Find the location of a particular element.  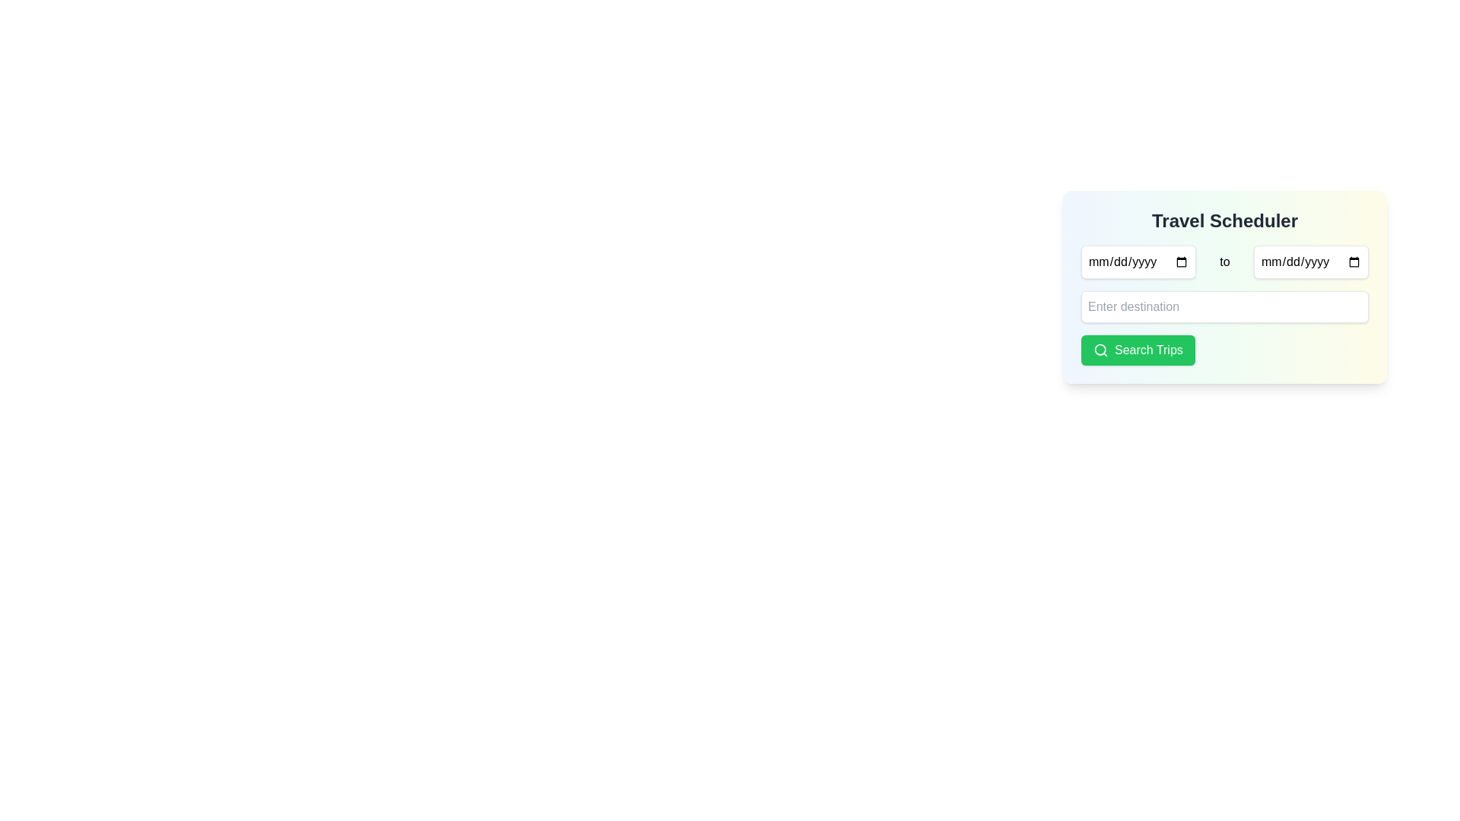

the text label displaying the word 'to', which is positioned between two date input fields is located at coordinates (1225, 261).